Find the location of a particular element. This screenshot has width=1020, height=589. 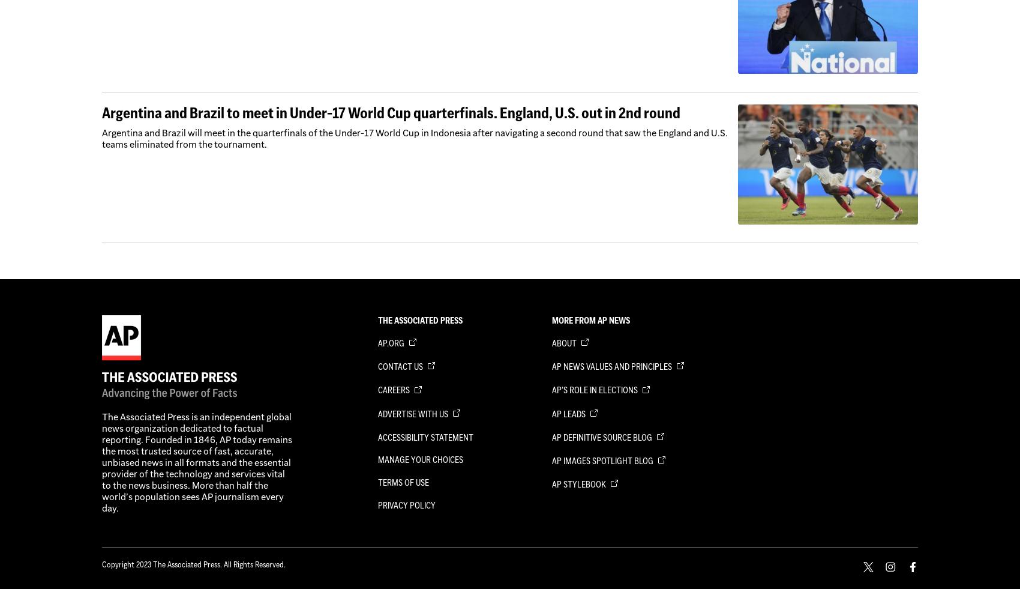

'AP Definitive Source Blog' is located at coordinates (602, 437).